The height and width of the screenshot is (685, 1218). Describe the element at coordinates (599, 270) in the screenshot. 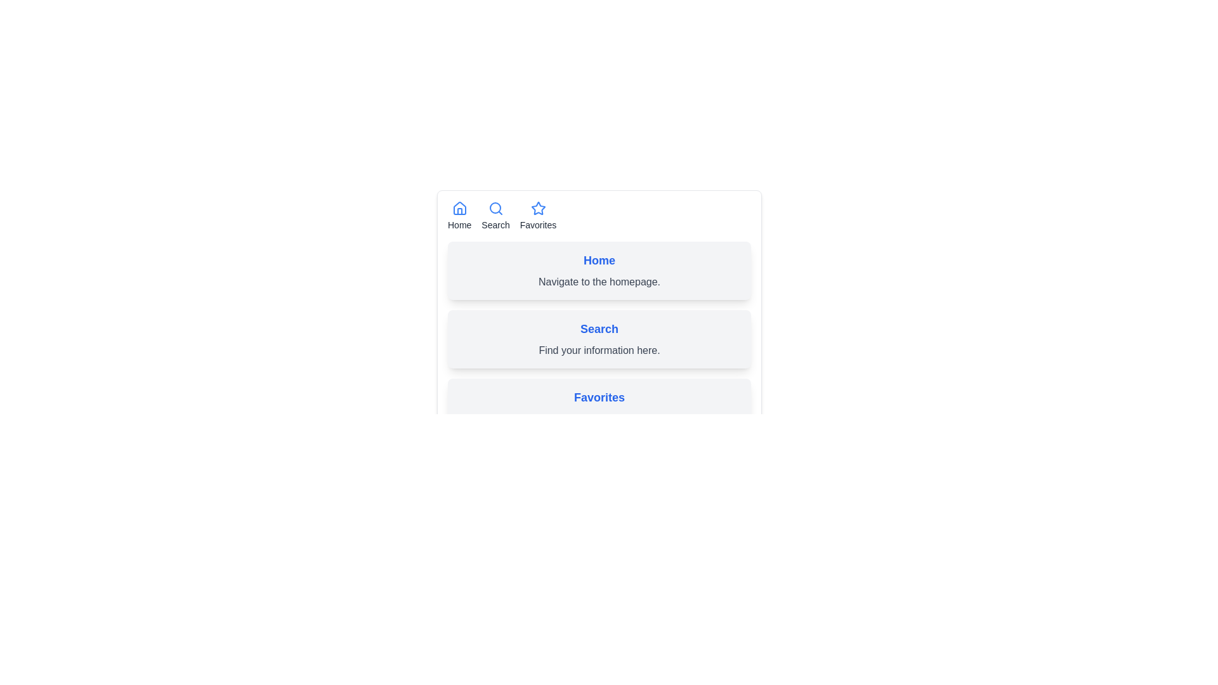

I see `text content from the card labeled 'Home', which is the first card in the vertical grid, featuring bold blue text and a smaller gray line underneath` at that location.